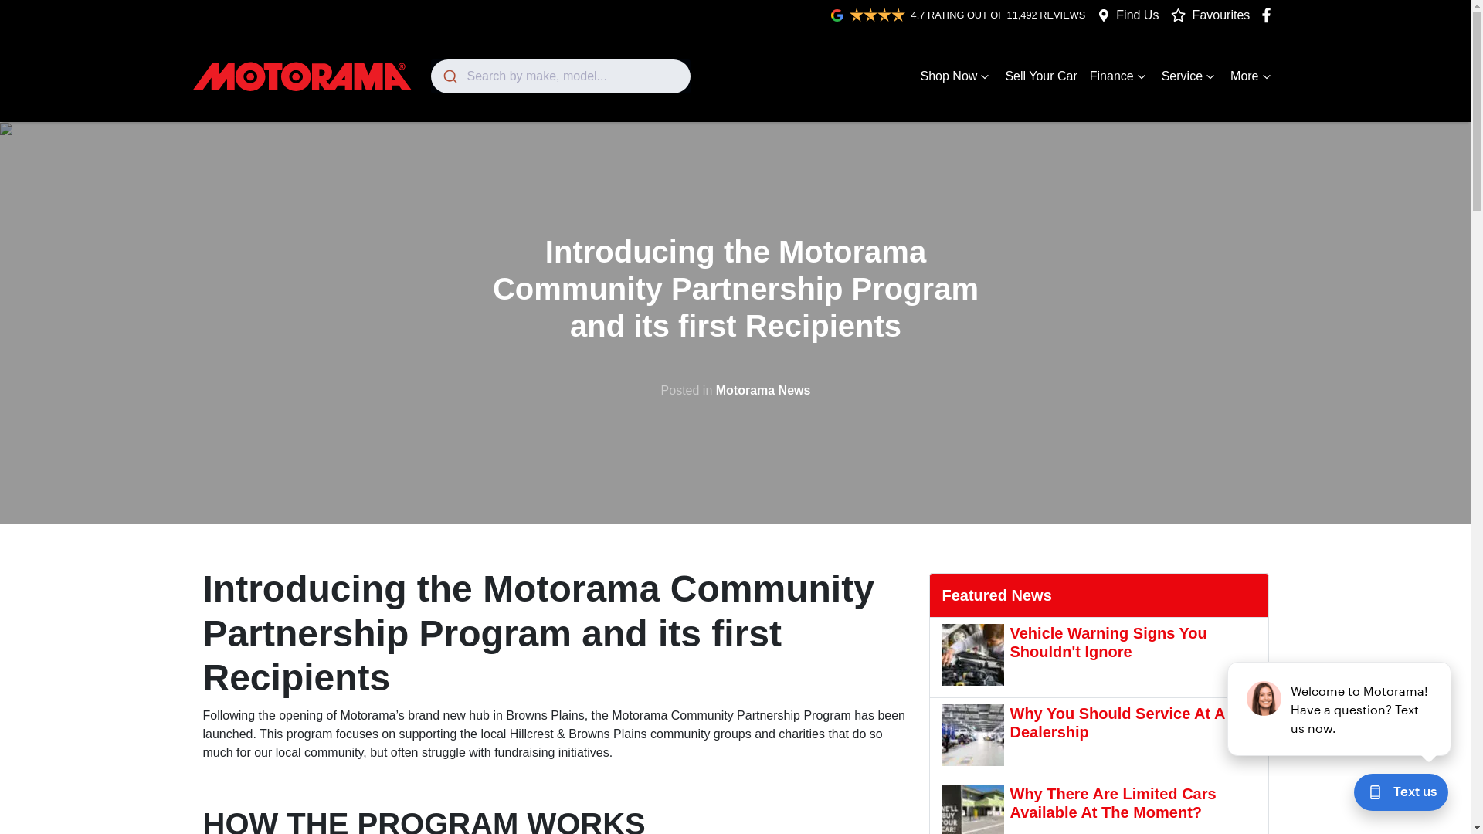 Image resolution: width=1483 pixels, height=834 pixels. Describe the element at coordinates (1189, 76) in the screenshot. I see `'Service'` at that location.